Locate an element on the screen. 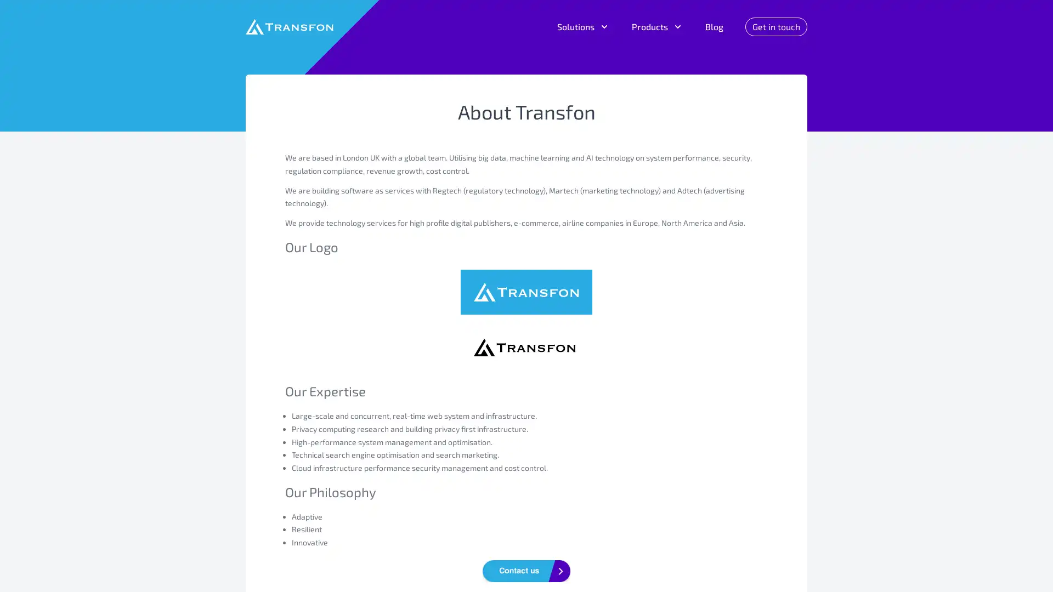 The image size is (1053, 592). Do Not Sell My Data is located at coordinates (73, 572).